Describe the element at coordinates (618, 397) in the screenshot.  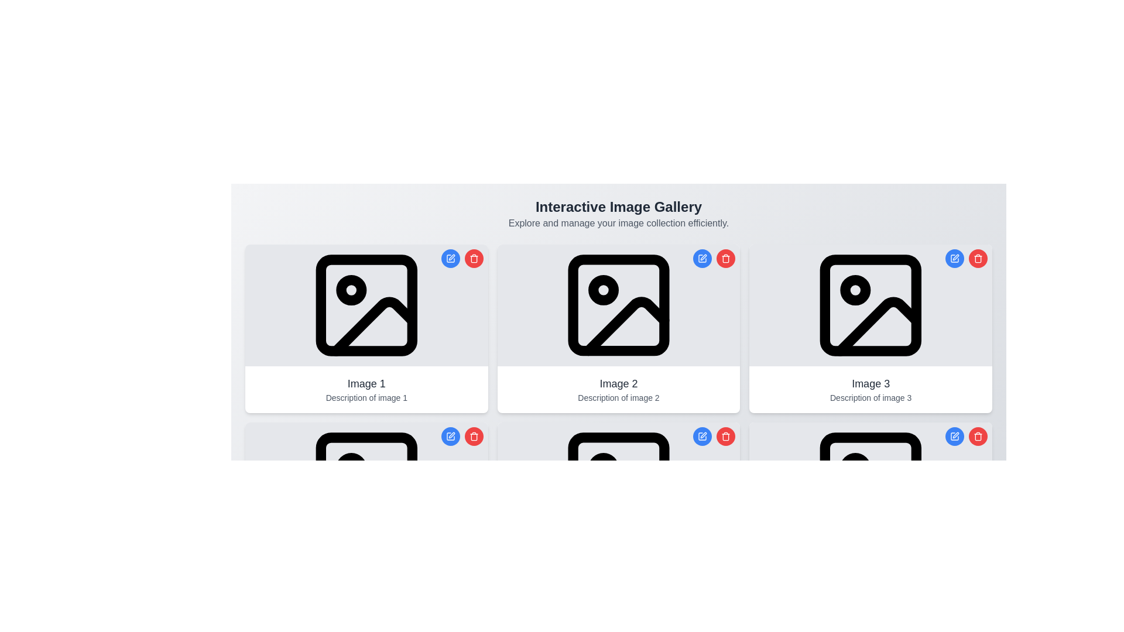
I see `text label displaying 'Description of image 2', which is located below the main title 'Image 2' in the second card of a horizontally aligned list of image cards` at that location.